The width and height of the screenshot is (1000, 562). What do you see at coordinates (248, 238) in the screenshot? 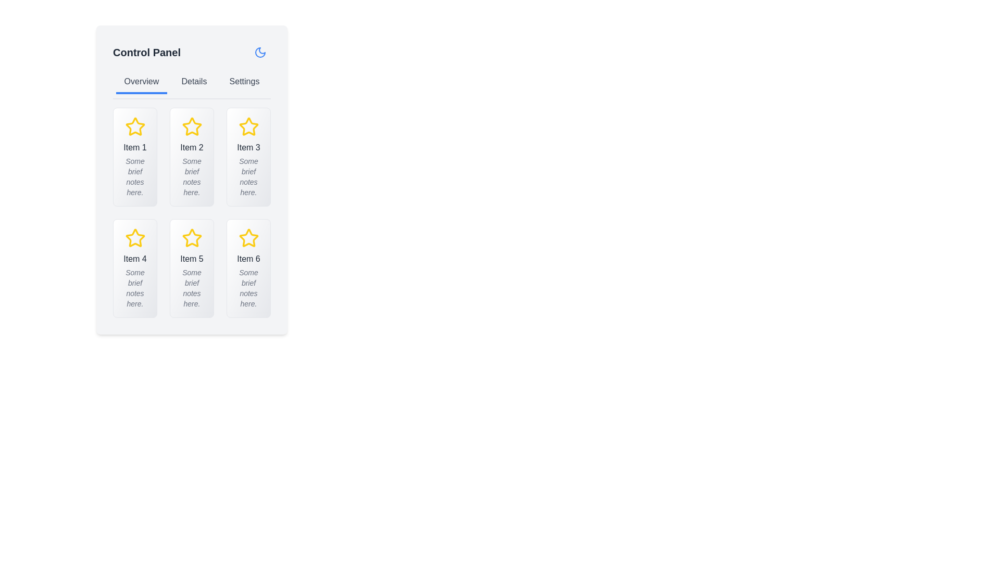
I see `the star icon in the 2nd row, 3rd column of the grid layout, which represents a rating or selection feature for 'Item 6'` at bounding box center [248, 238].